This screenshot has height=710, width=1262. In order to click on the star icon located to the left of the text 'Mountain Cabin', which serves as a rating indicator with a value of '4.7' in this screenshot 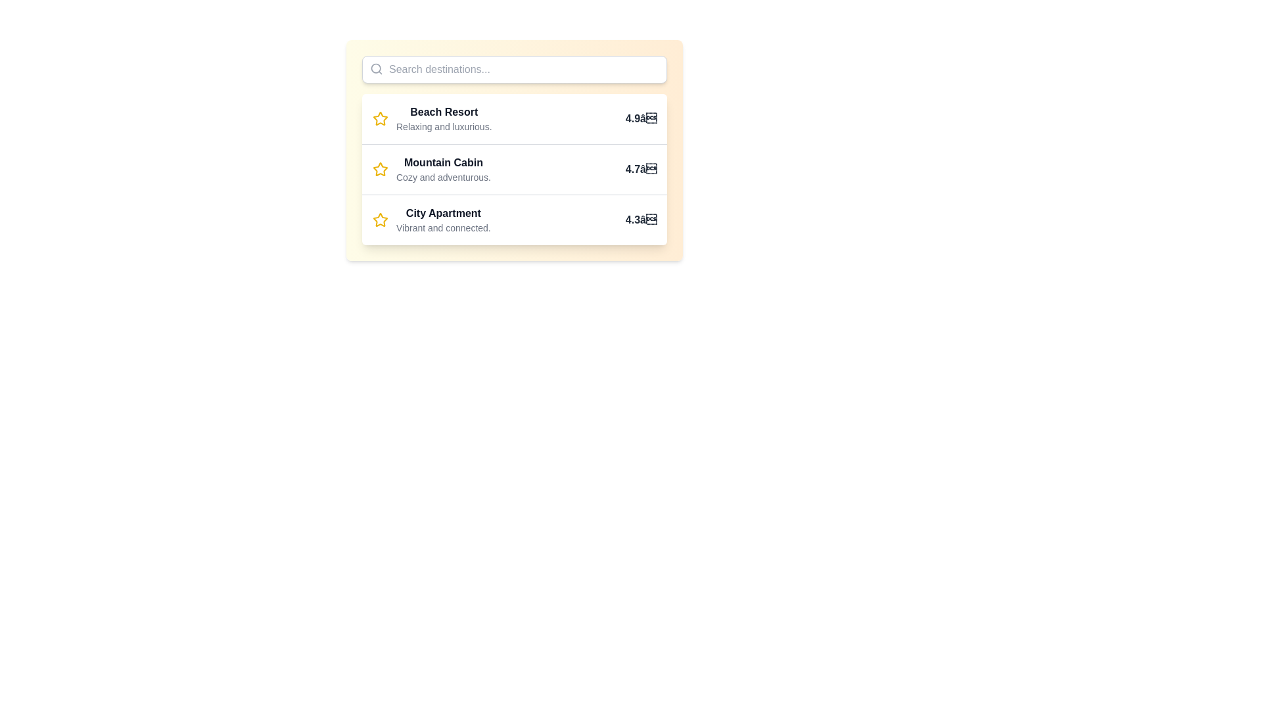, I will do `click(380, 169)`.